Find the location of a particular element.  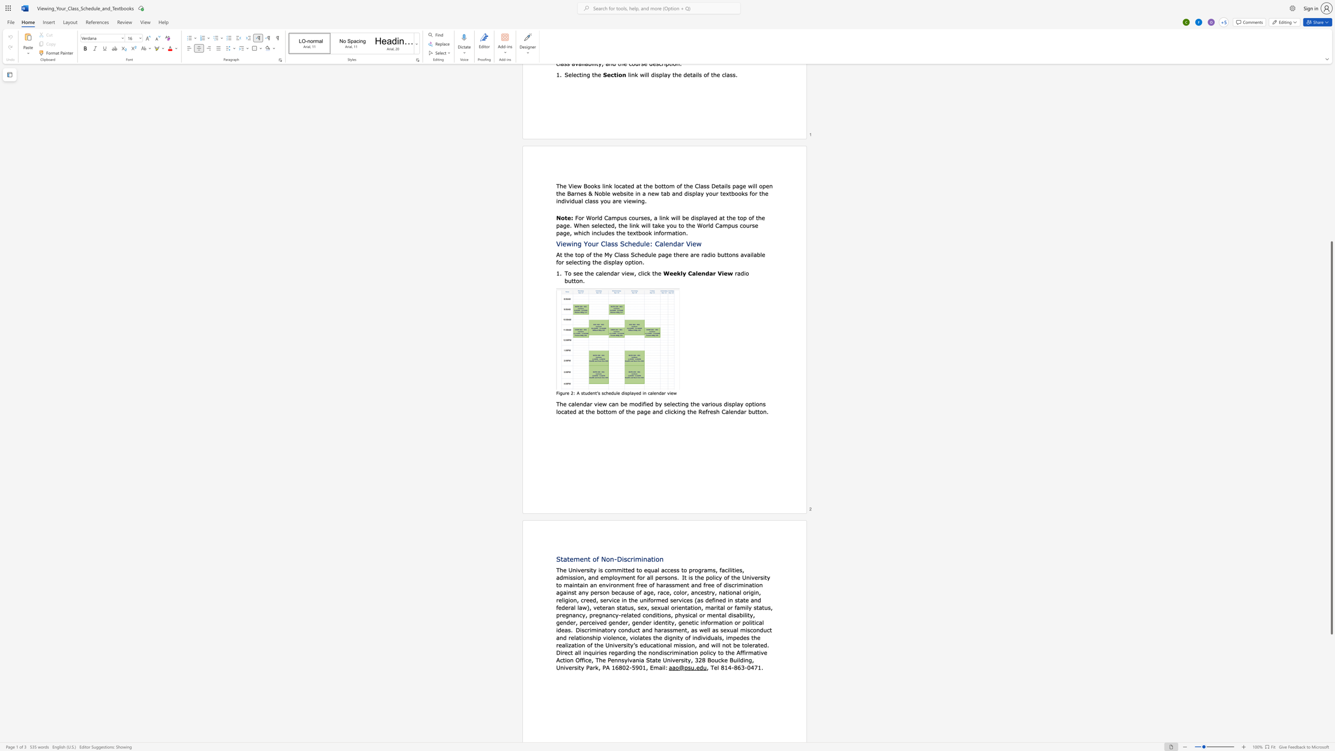

the right-hand scrollbar to ascend the page is located at coordinates (1331, 139).